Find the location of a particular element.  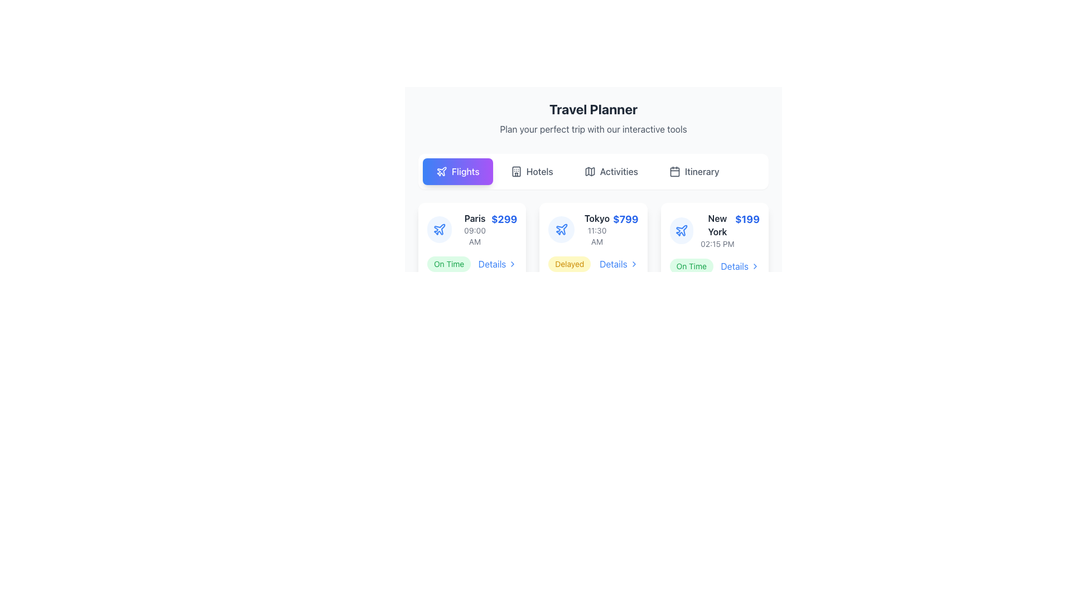

the navigation label located in the upper section of the interface, which is centrally aligned and positioned between 'Hotels' and 'Itinerary' is located at coordinates (618, 172).